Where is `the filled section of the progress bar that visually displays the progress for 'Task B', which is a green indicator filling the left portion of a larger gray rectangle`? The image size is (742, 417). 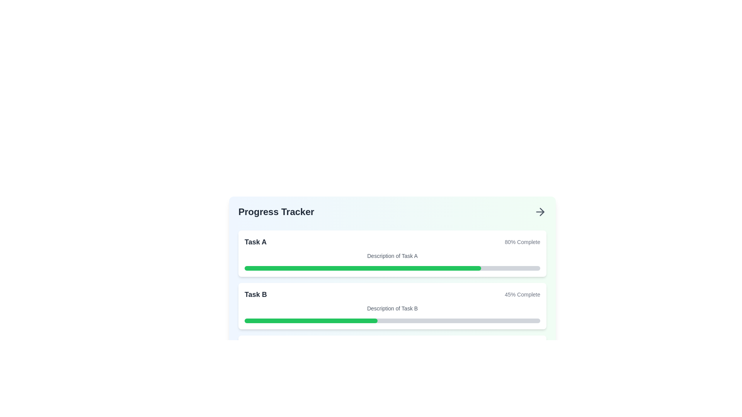
the filled section of the progress bar that visually displays the progress for 'Task B', which is a green indicator filling the left portion of a larger gray rectangle is located at coordinates (333, 373).